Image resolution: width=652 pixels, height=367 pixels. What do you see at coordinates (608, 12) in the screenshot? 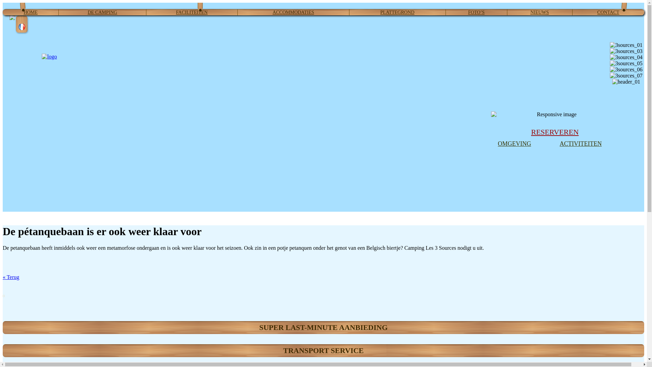
I see `'CONTACT'` at bounding box center [608, 12].